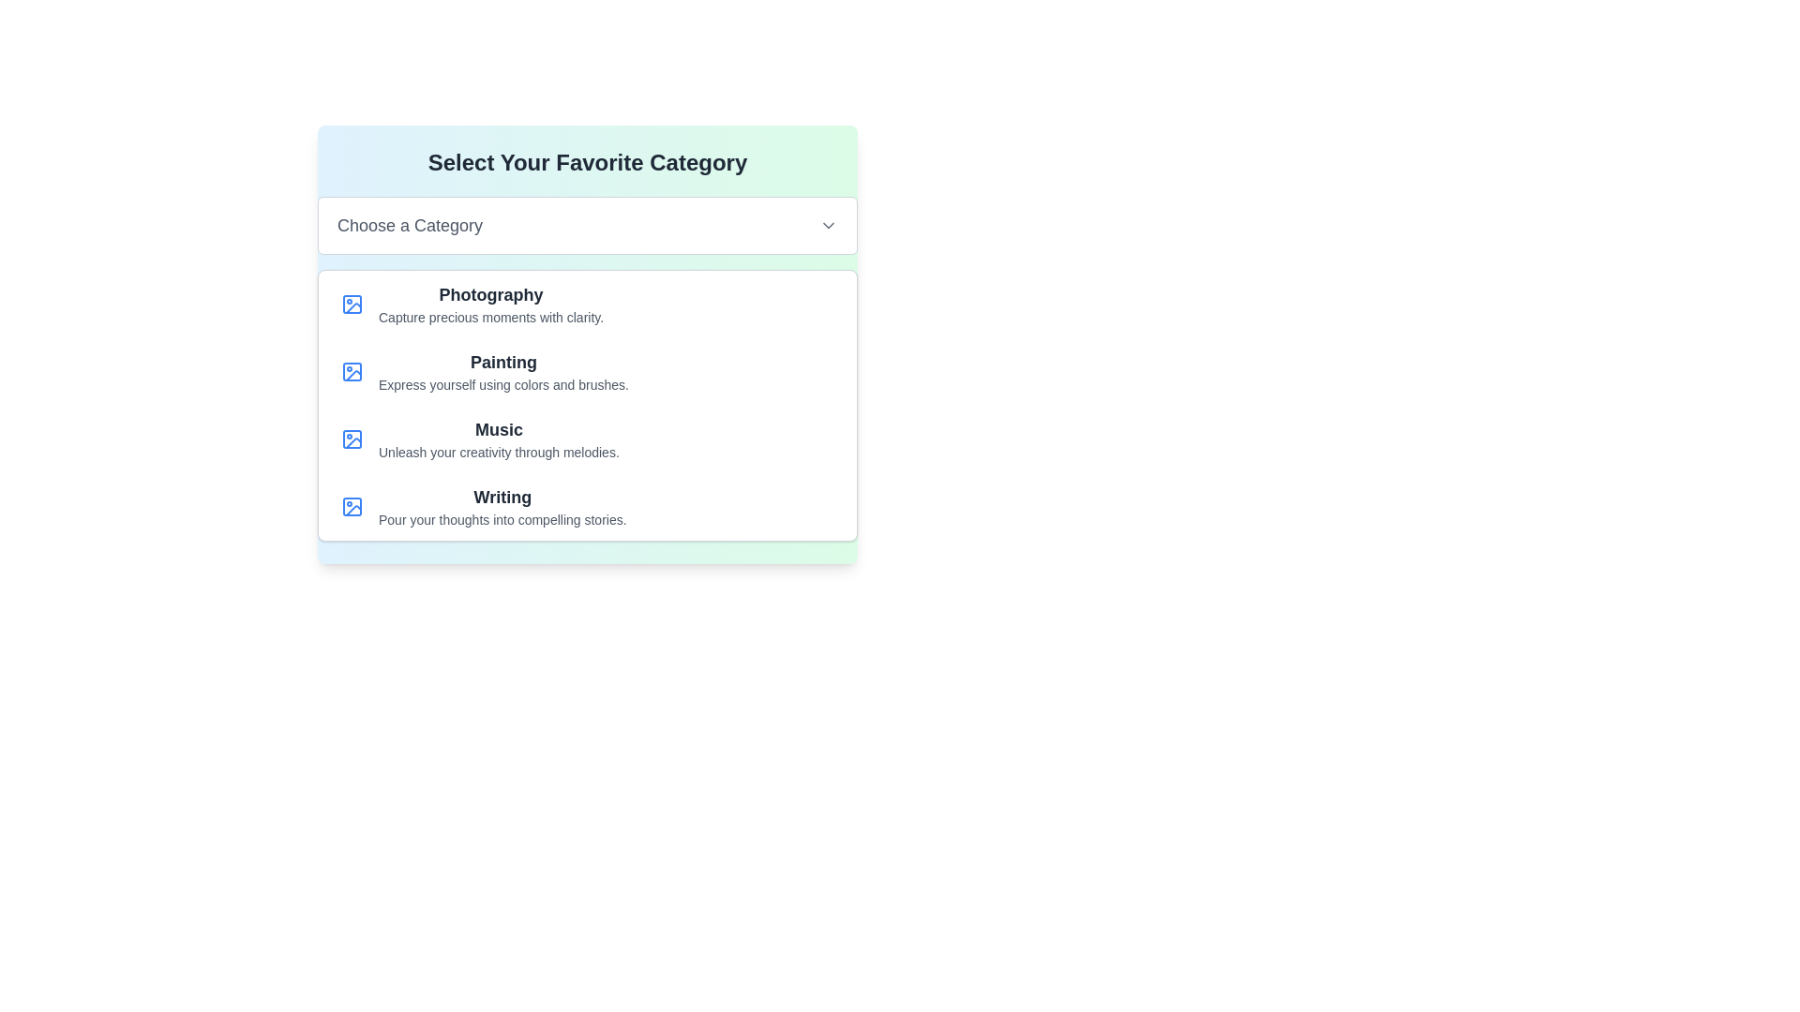  What do you see at coordinates (499, 452) in the screenshot?
I see `the gray styled text label located directly beneath the 'Music' heading in the list of categories` at bounding box center [499, 452].